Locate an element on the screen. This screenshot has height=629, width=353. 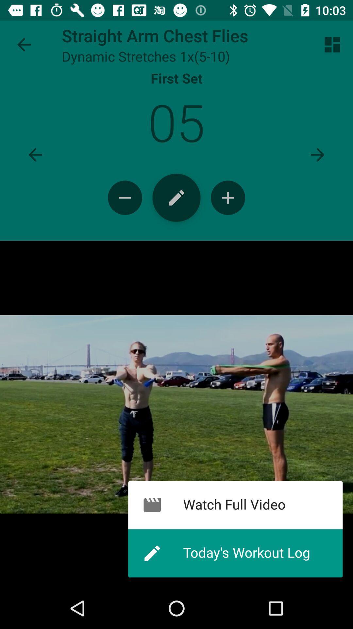
next video is located at coordinates (317, 154).